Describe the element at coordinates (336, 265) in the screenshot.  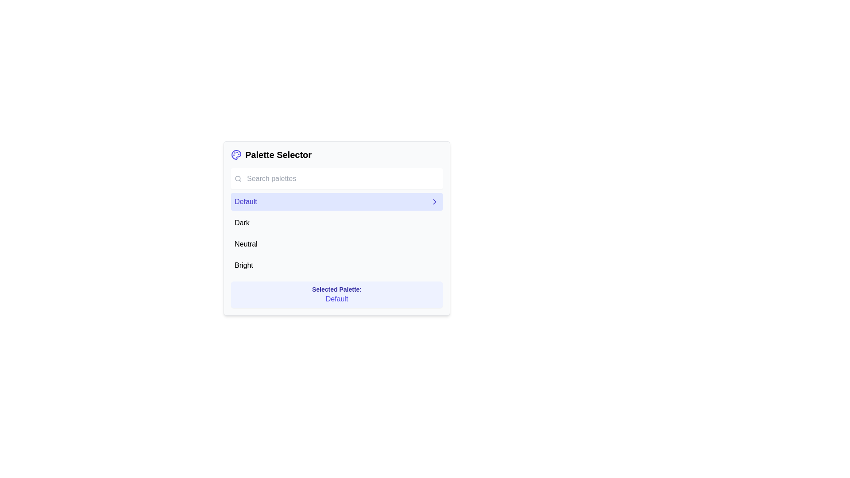
I see `the 'Bright' button, which is the last item in the vertical list under the 'Palette Selector' section` at that location.